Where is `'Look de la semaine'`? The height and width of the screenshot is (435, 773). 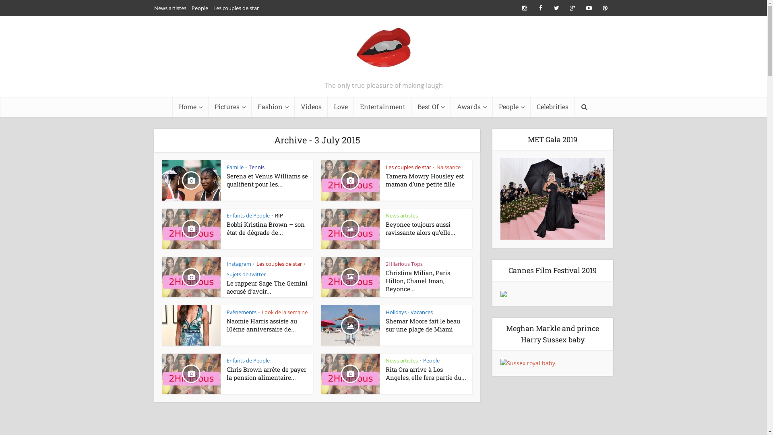
'Look de la semaine' is located at coordinates (284, 312).